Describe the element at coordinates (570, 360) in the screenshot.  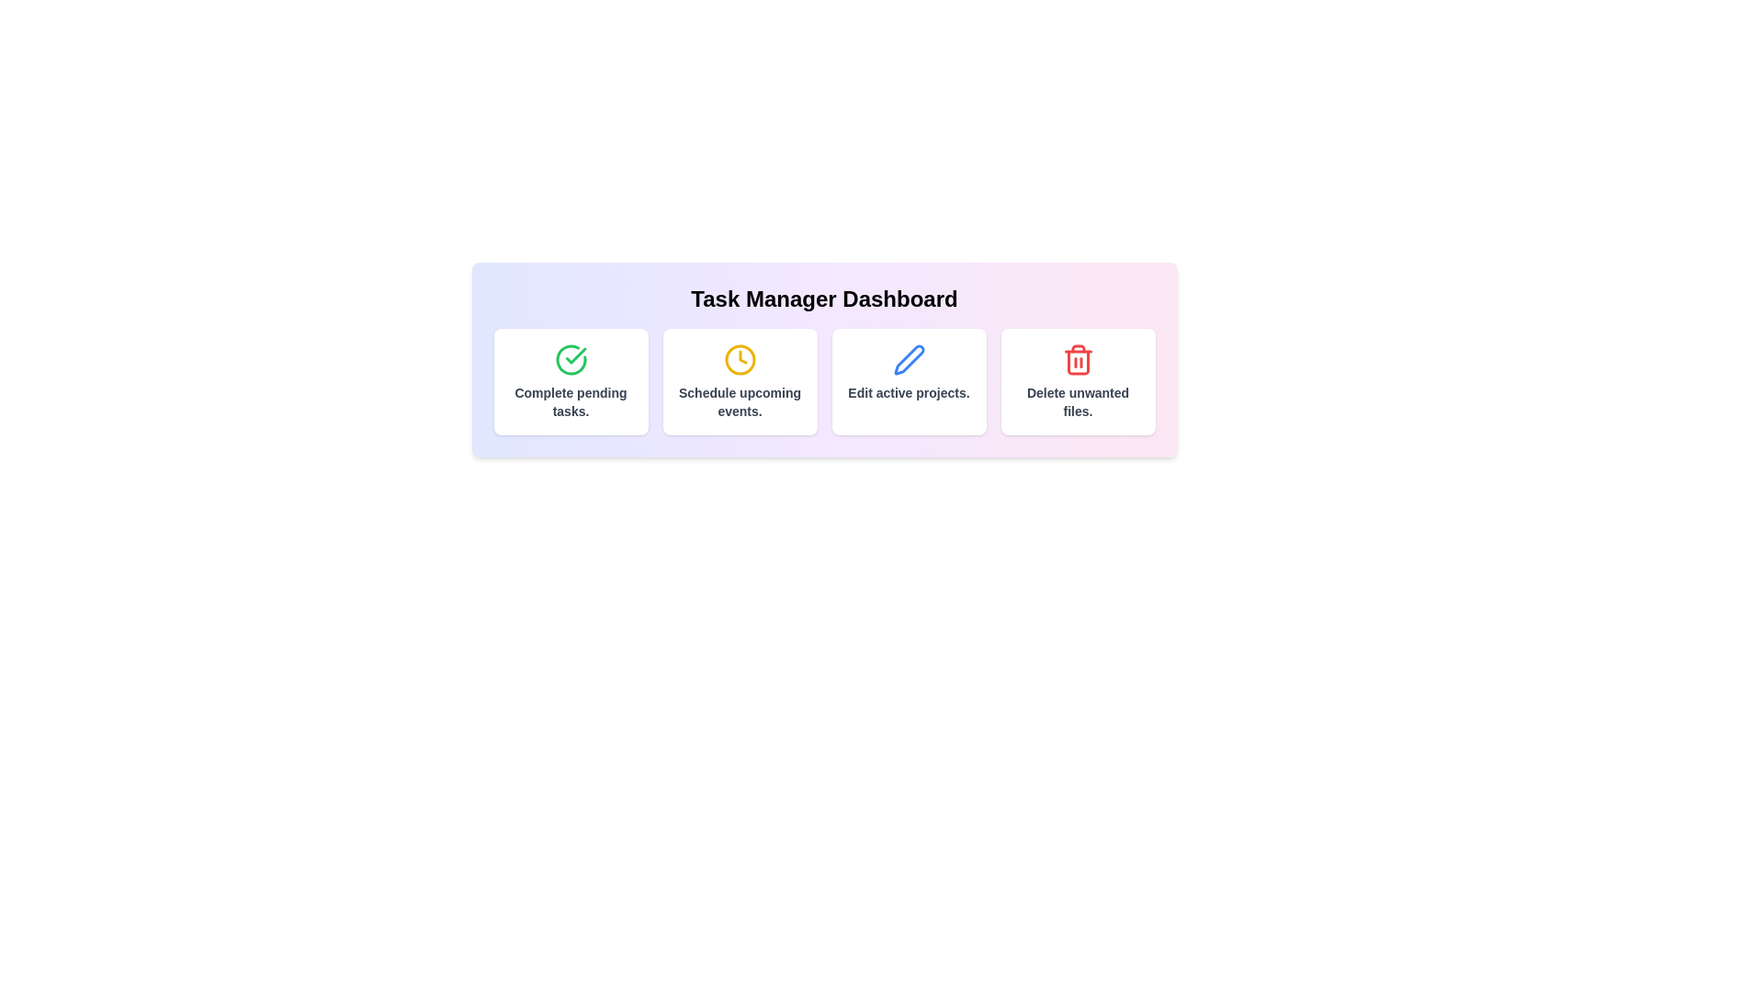
I see `the decorative checkmark icon located at the top of the card labeled 'Complete pending tasks.'` at that location.